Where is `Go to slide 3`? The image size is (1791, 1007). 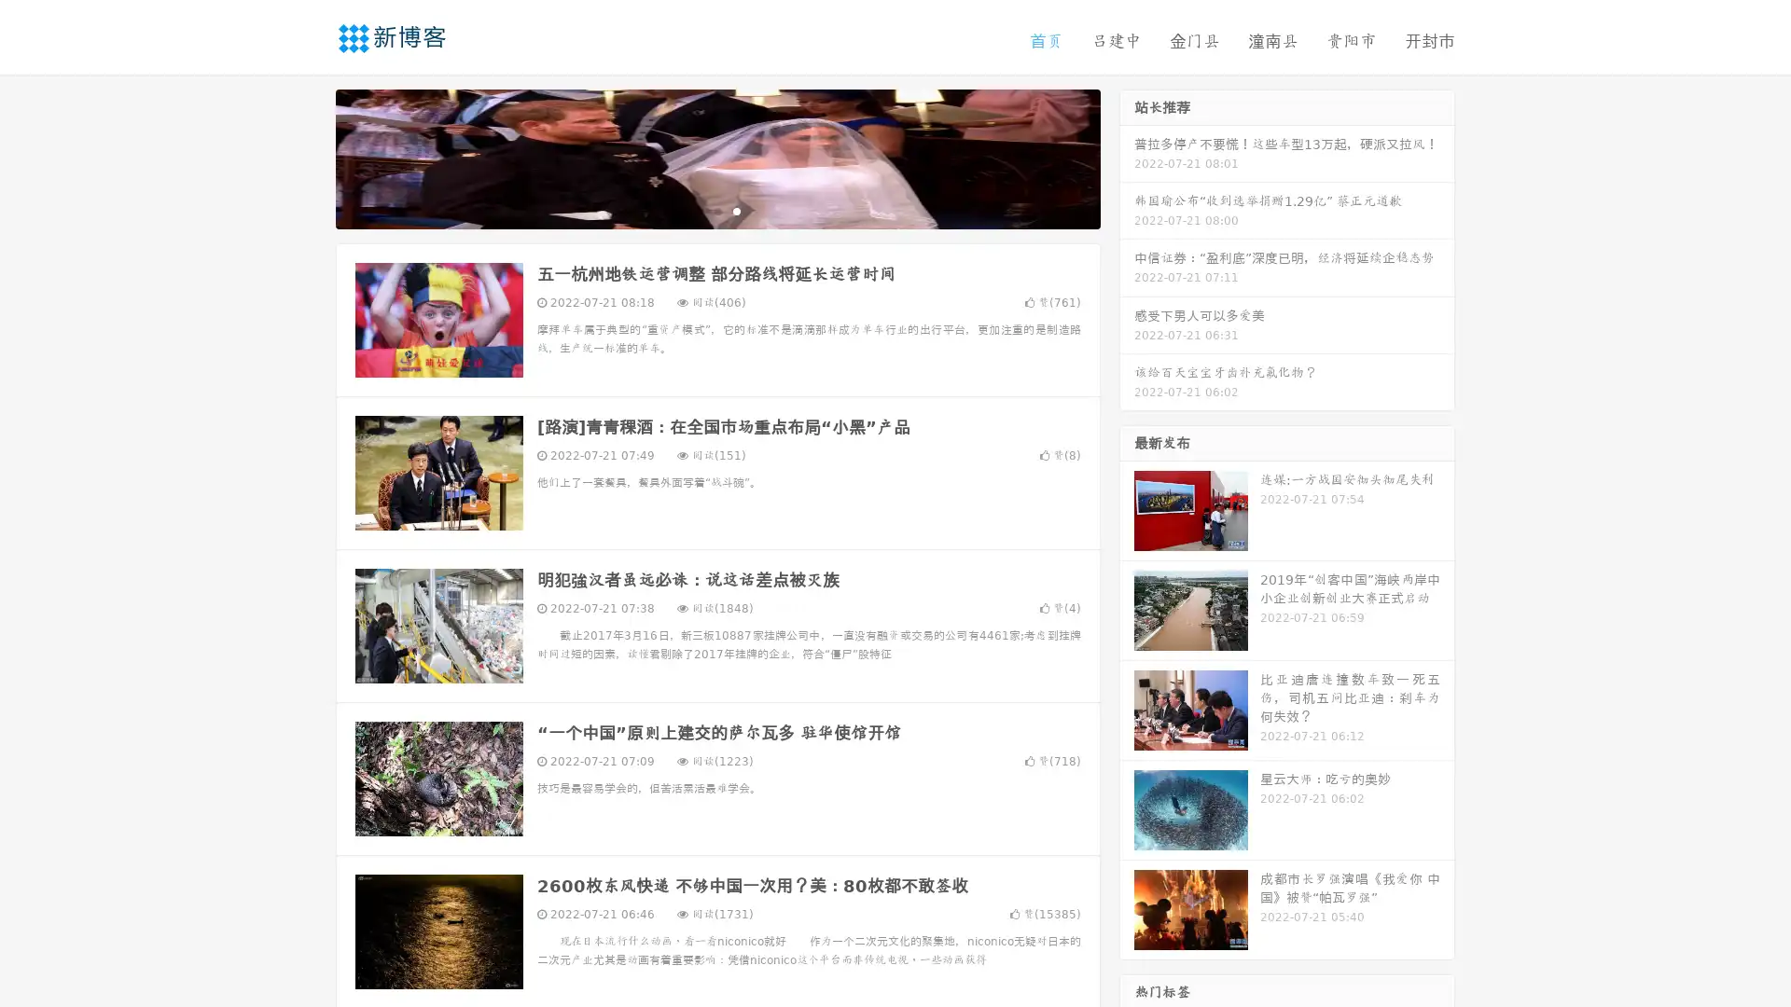 Go to slide 3 is located at coordinates (736, 210).